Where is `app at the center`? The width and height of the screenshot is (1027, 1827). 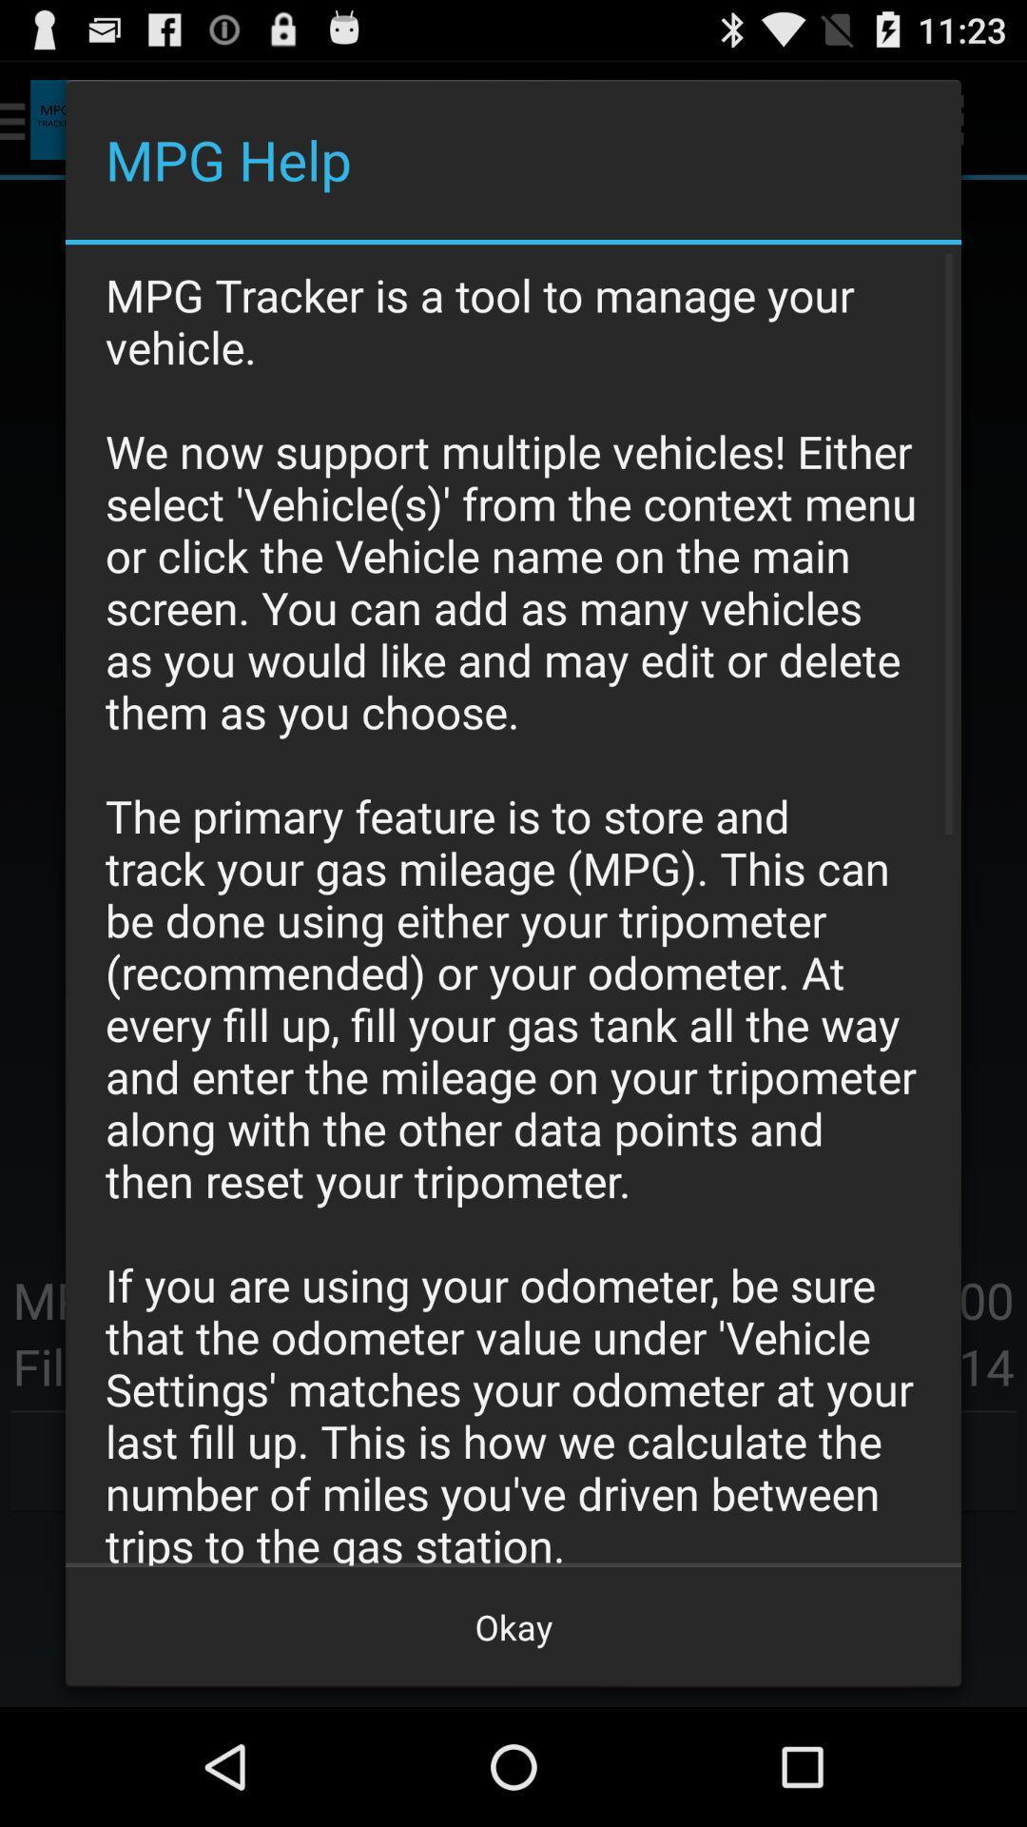
app at the center is located at coordinates (513, 904).